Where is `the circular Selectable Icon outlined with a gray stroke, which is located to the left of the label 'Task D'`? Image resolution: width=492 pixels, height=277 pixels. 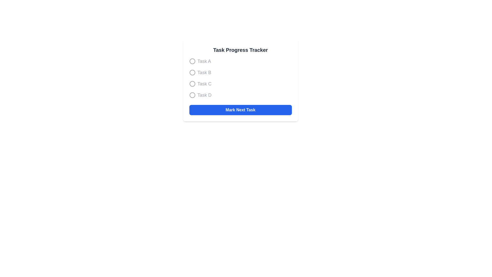
the circular Selectable Icon outlined with a gray stroke, which is located to the left of the label 'Task D' is located at coordinates (192, 95).